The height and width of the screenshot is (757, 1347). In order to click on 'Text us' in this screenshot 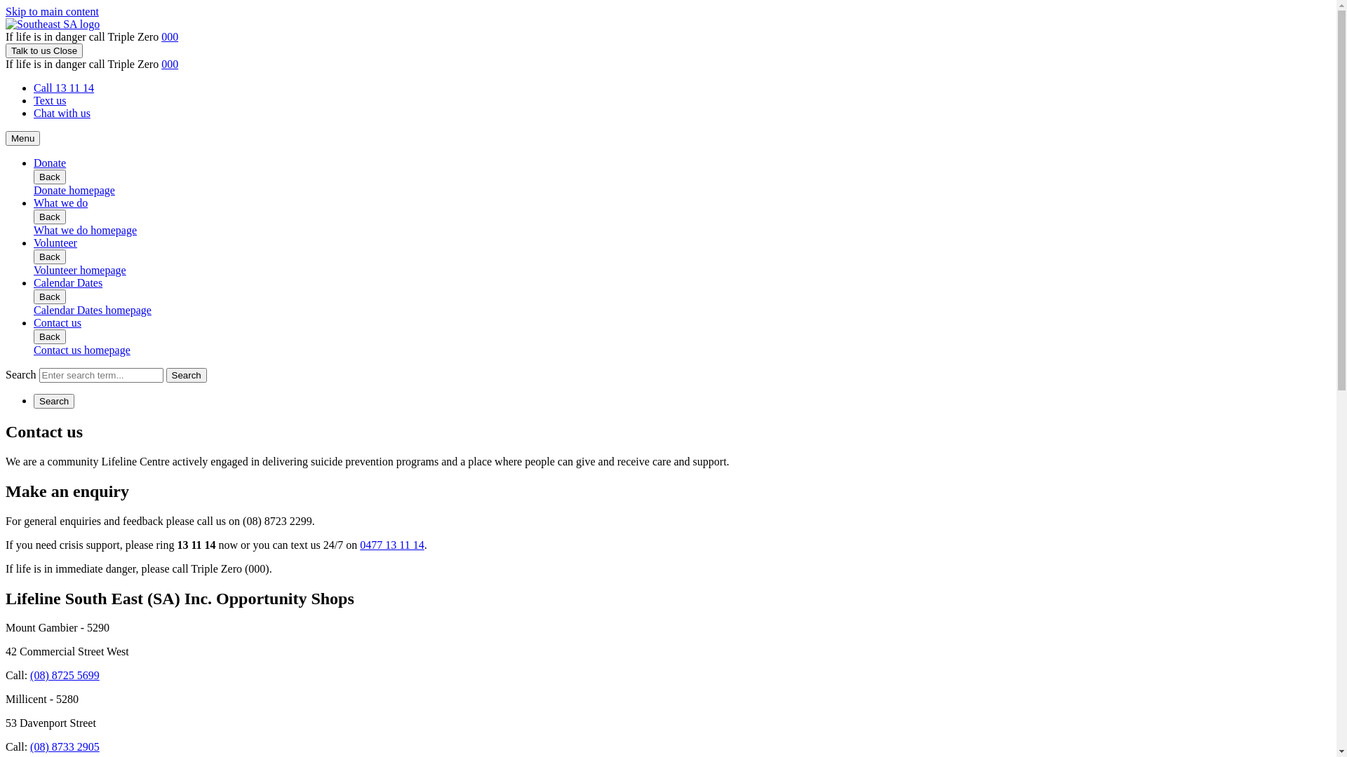, I will do `click(50, 100)`.